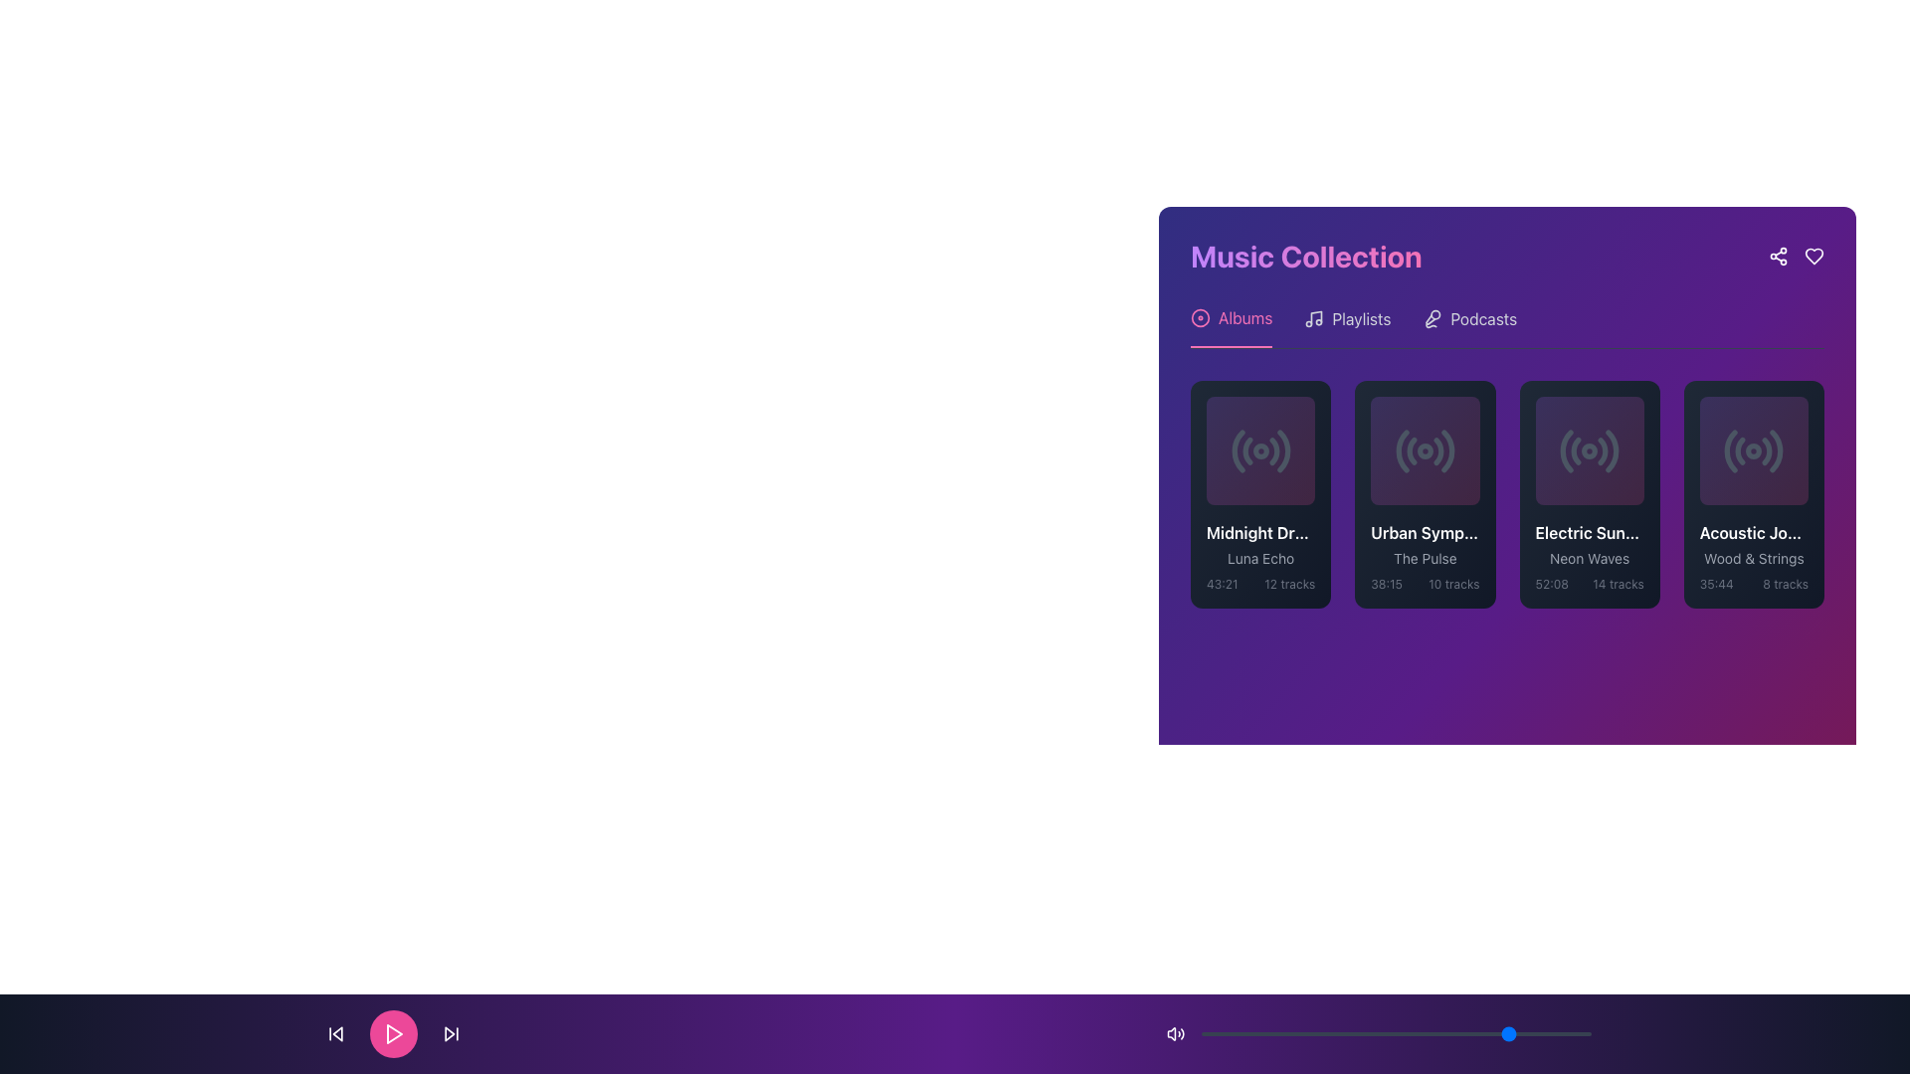 The width and height of the screenshot is (1910, 1074). Describe the element at coordinates (1425, 450) in the screenshot. I see `the play icon located on the second item card titled 'Urban Symphony' in the 'Albums' section of the music playlist` at that location.